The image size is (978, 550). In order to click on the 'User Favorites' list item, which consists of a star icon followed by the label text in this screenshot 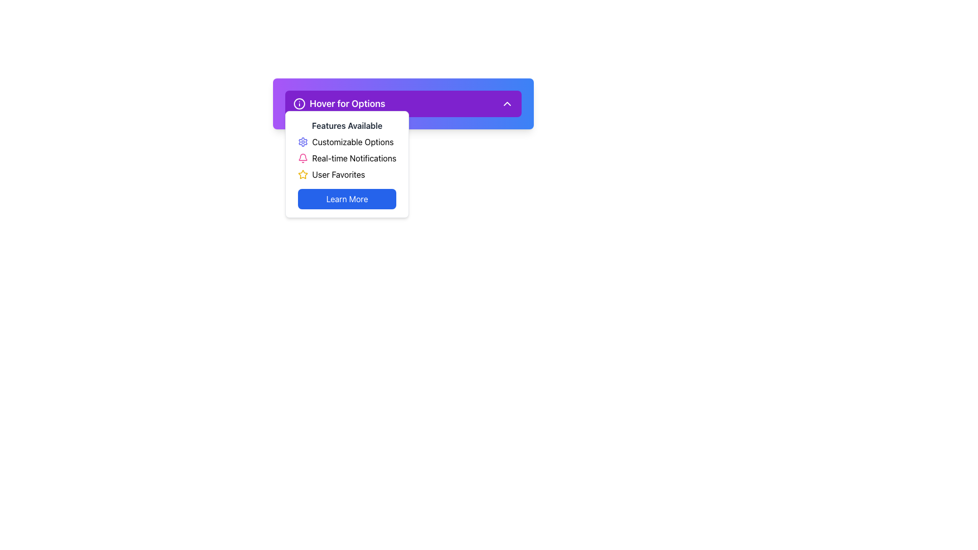, I will do `click(347, 174)`.